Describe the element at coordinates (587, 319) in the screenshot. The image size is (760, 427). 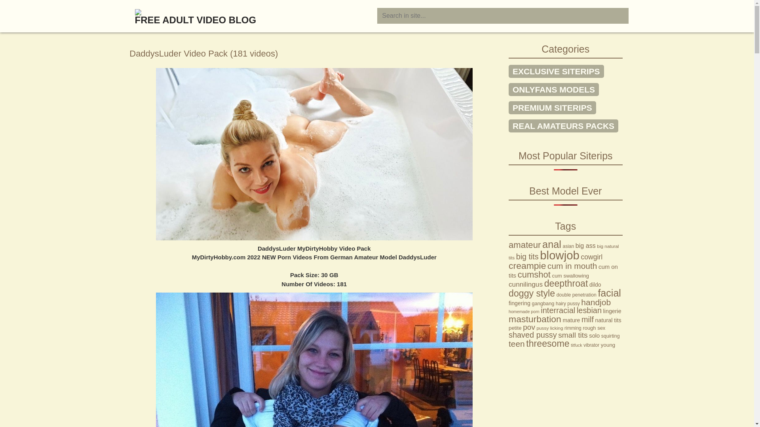
I see `'milf'` at that location.